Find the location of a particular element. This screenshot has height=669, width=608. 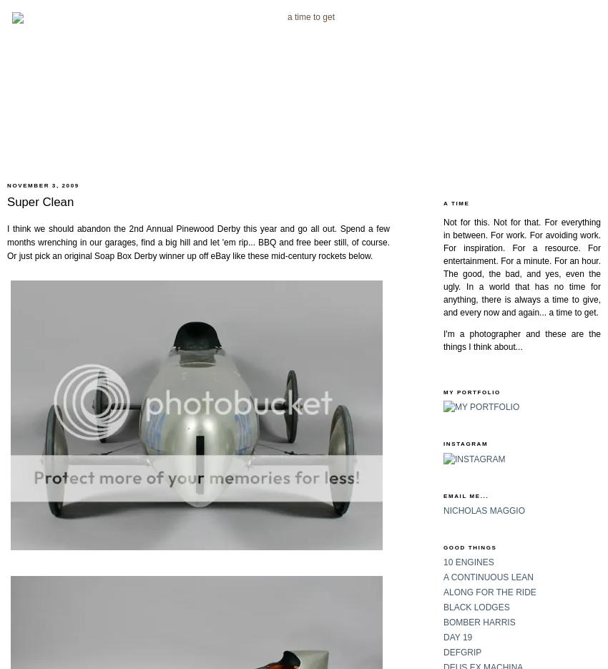

'BOMBER HARRIS' is located at coordinates (479, 620).